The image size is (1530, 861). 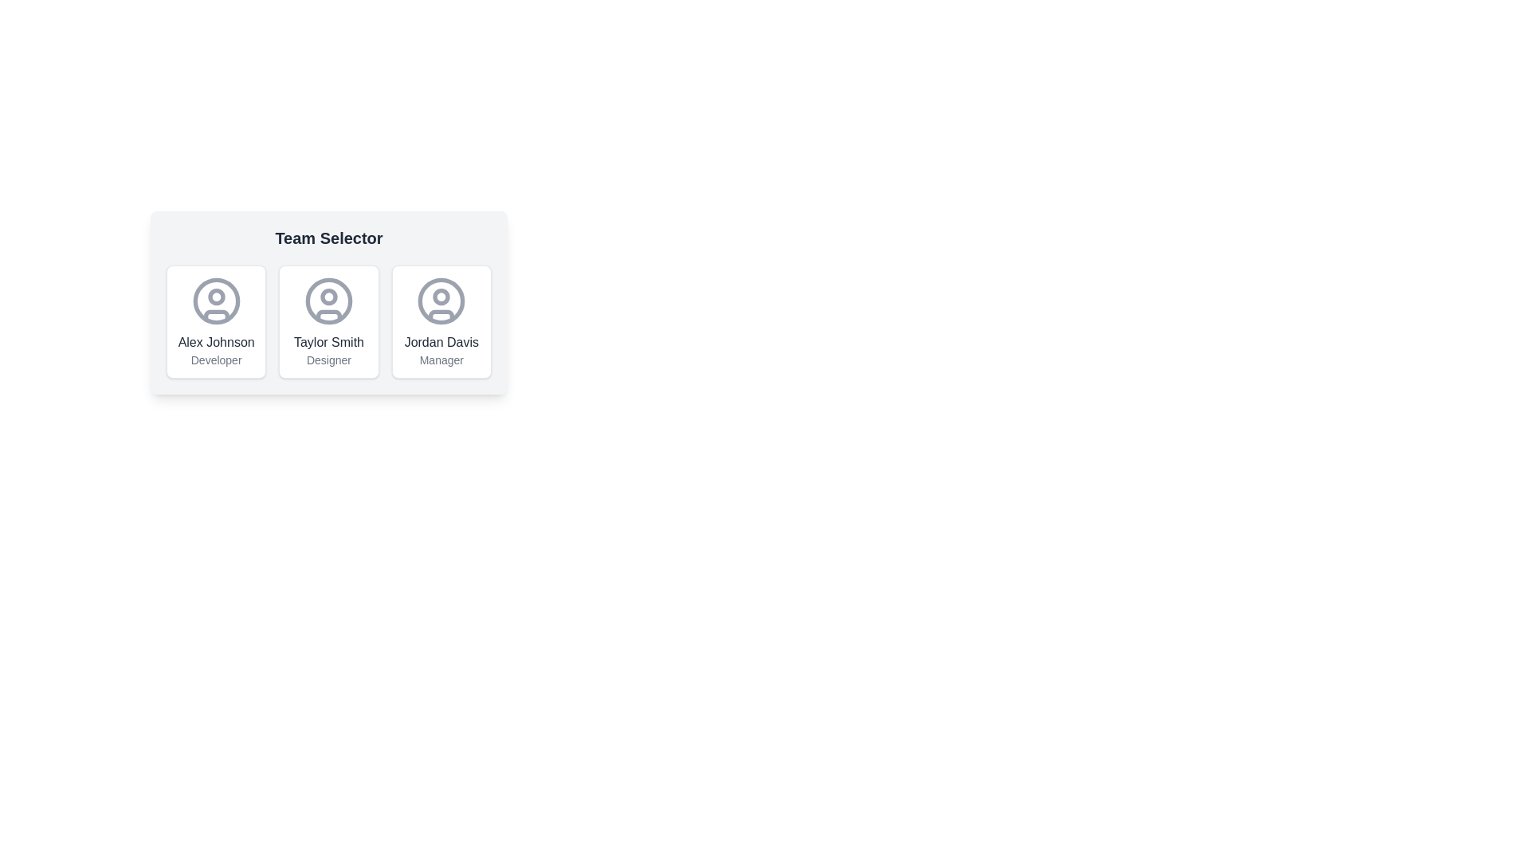 What do you see at coordinates (441, 341) in the screenshot?
I see `the text label displaying 'Jordan Davis' in a bold font, positioned above the title 'Manager' within the rightmost card` at bounding box center [441, 341].